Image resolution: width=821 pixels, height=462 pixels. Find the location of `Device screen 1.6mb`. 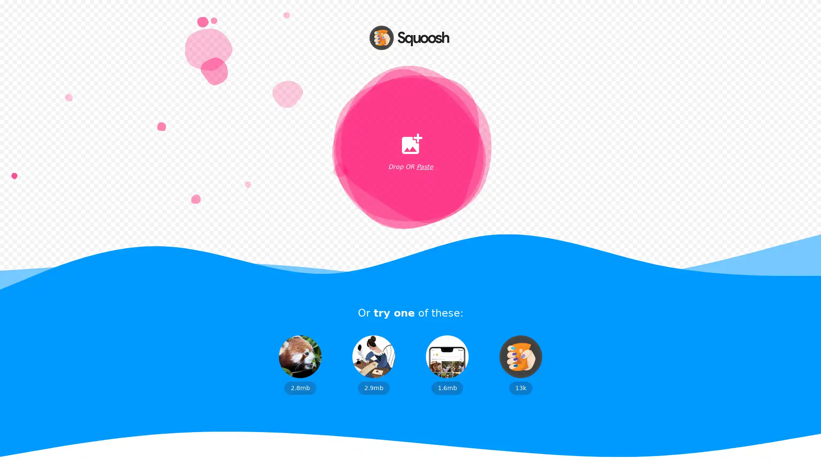

Device screen 1.6mb is located at coordinates (447, 364).